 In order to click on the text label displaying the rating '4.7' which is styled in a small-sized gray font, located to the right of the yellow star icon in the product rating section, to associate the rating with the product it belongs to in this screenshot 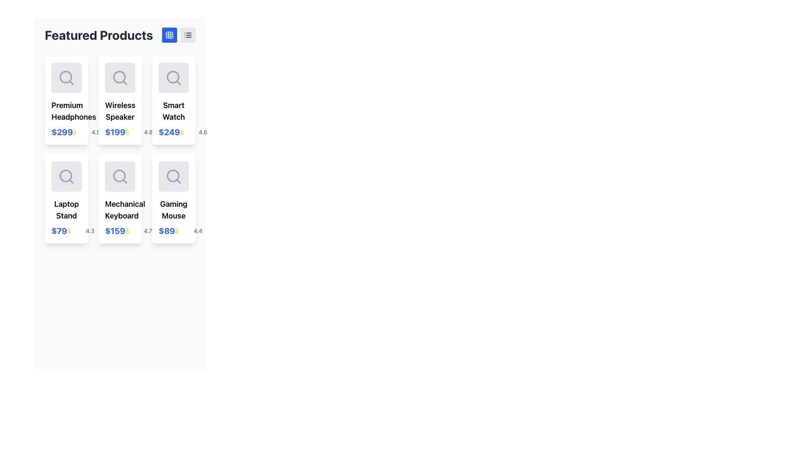, I will do `click(148, 231)`.